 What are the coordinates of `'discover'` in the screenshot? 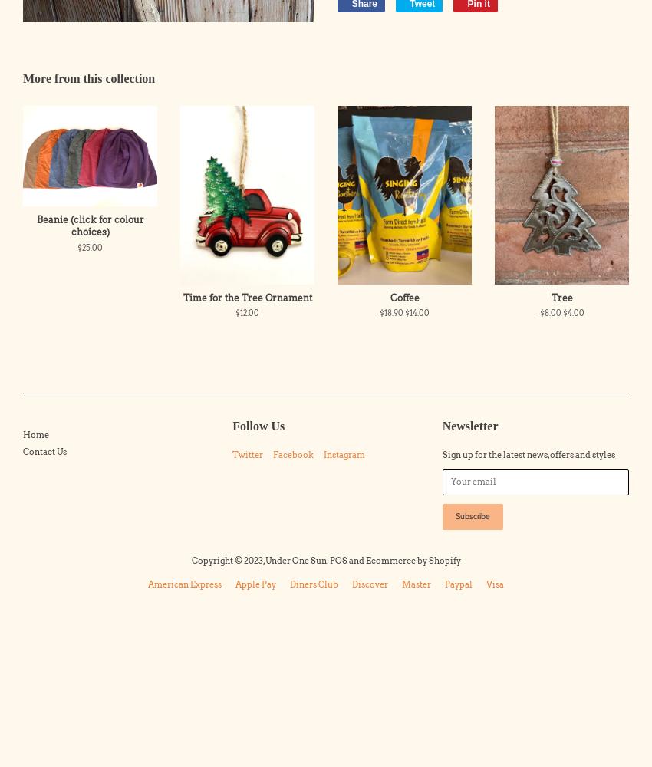 It's located at (351, 584).